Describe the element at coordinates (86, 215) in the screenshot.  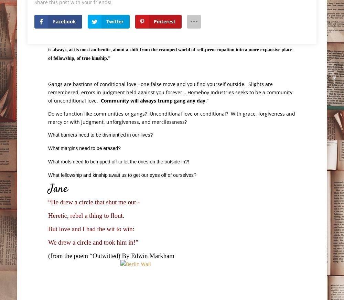
I see `'Heretic, rebel a thing to flout.'` at that location.